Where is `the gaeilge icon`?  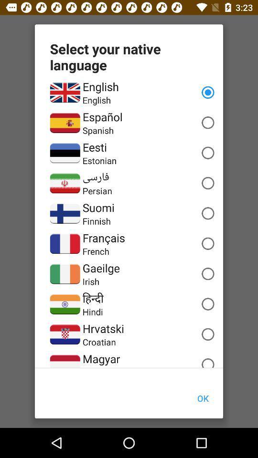
the gaeilge icon is located at coordinates (100, 268).